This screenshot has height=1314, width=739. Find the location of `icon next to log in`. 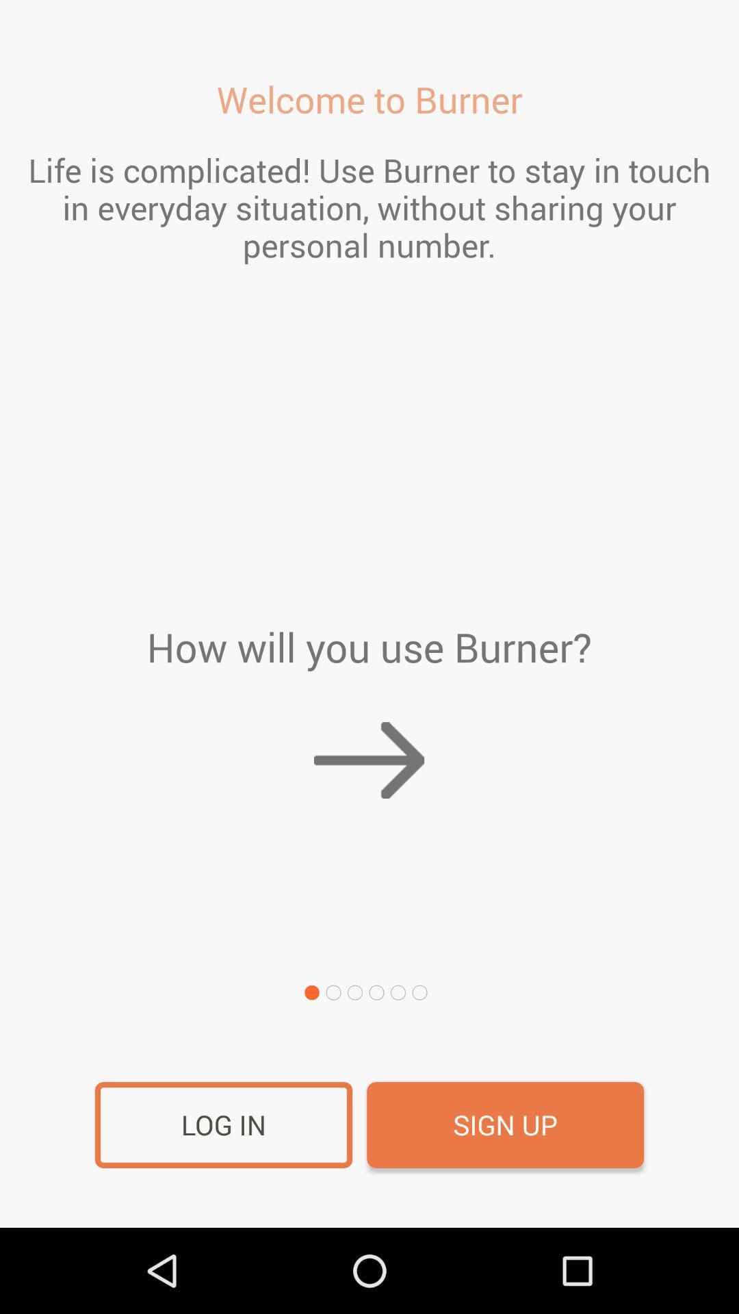

icon next to log in is located at coordinates (505, 1125).